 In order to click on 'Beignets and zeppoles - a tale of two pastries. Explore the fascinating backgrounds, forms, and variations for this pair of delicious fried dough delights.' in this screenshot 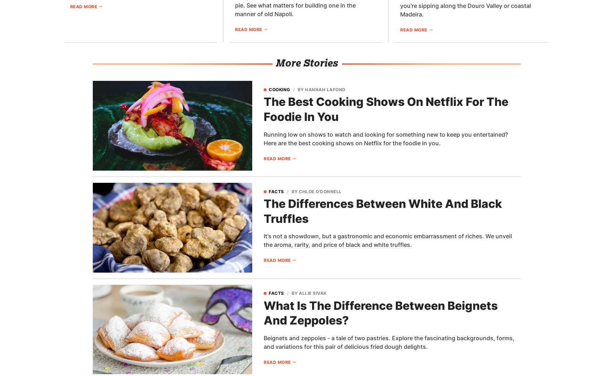, I will do `click(389, 341)`.